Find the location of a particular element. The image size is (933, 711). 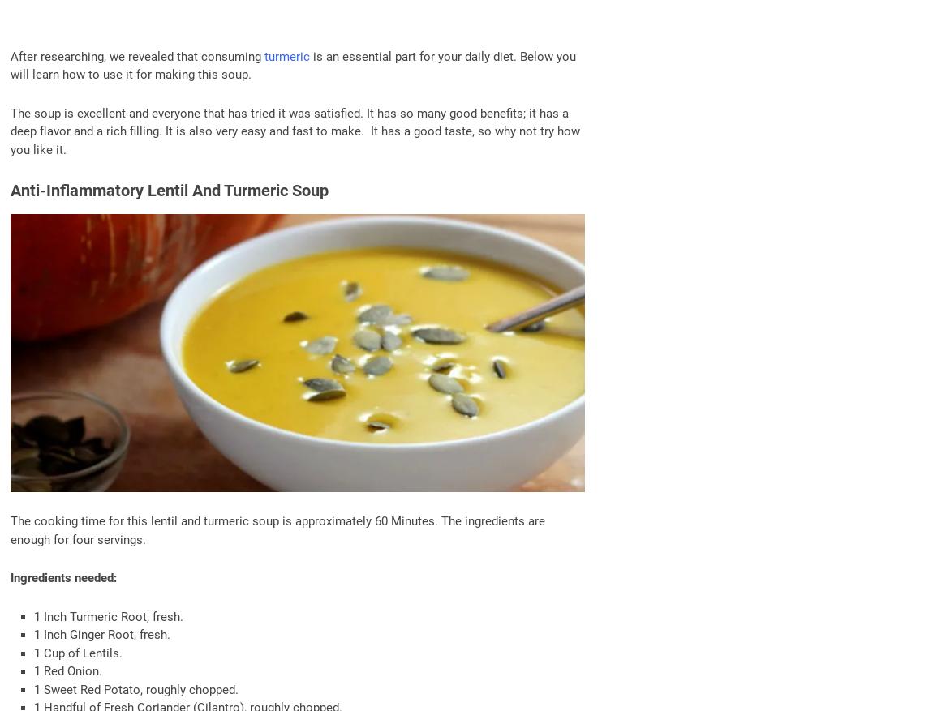

'1 Cup of Lentils.' is located at coordinates (76, 651).